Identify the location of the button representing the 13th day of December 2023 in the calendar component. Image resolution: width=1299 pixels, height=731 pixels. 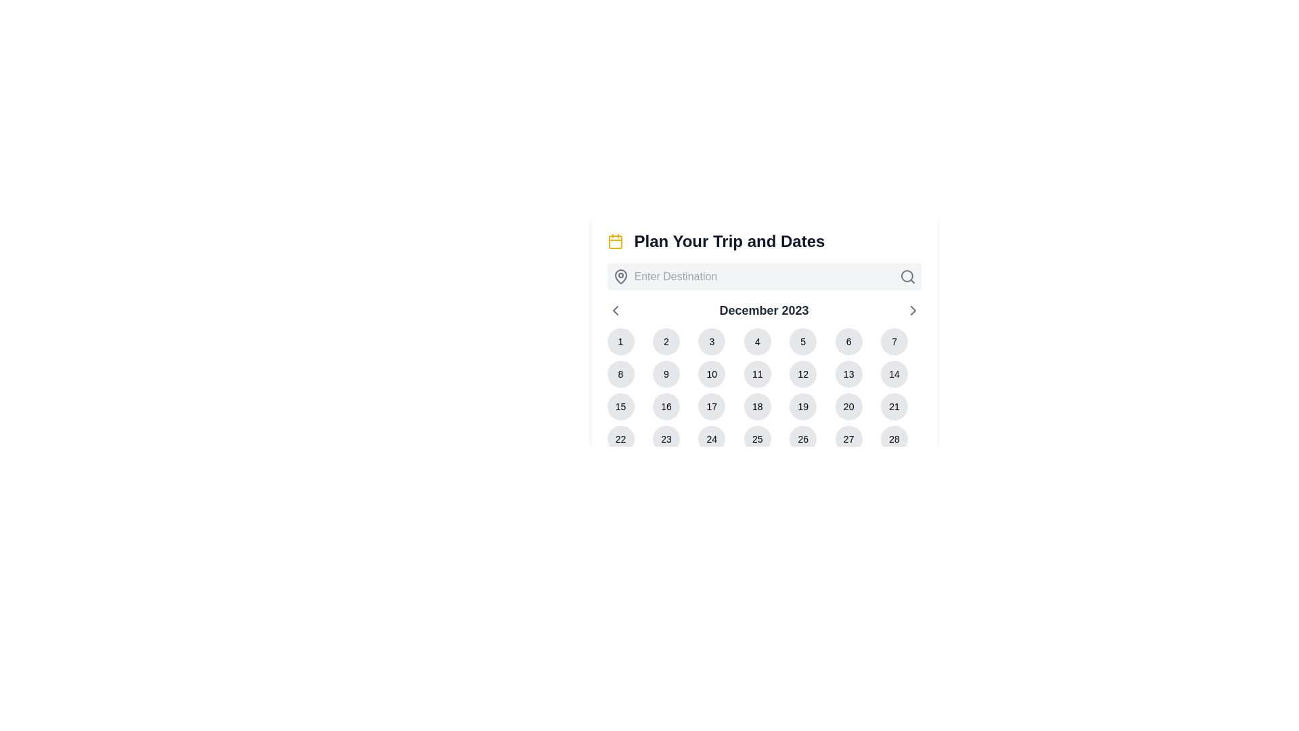
(848, 374).